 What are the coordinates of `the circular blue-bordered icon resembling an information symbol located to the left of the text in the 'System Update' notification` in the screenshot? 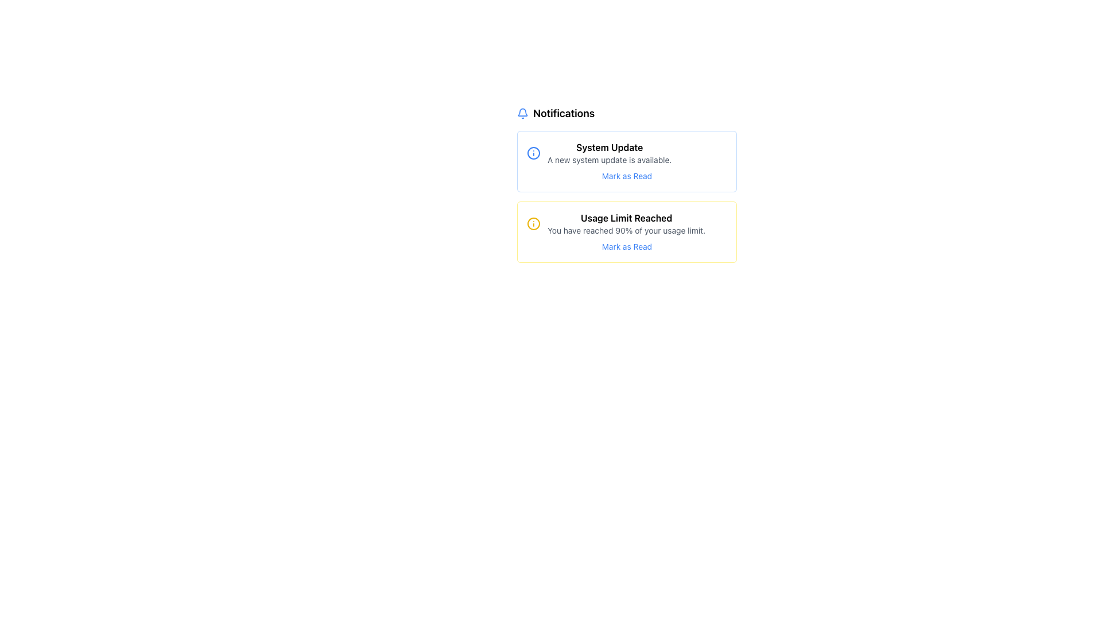 It's located at (533, 152).